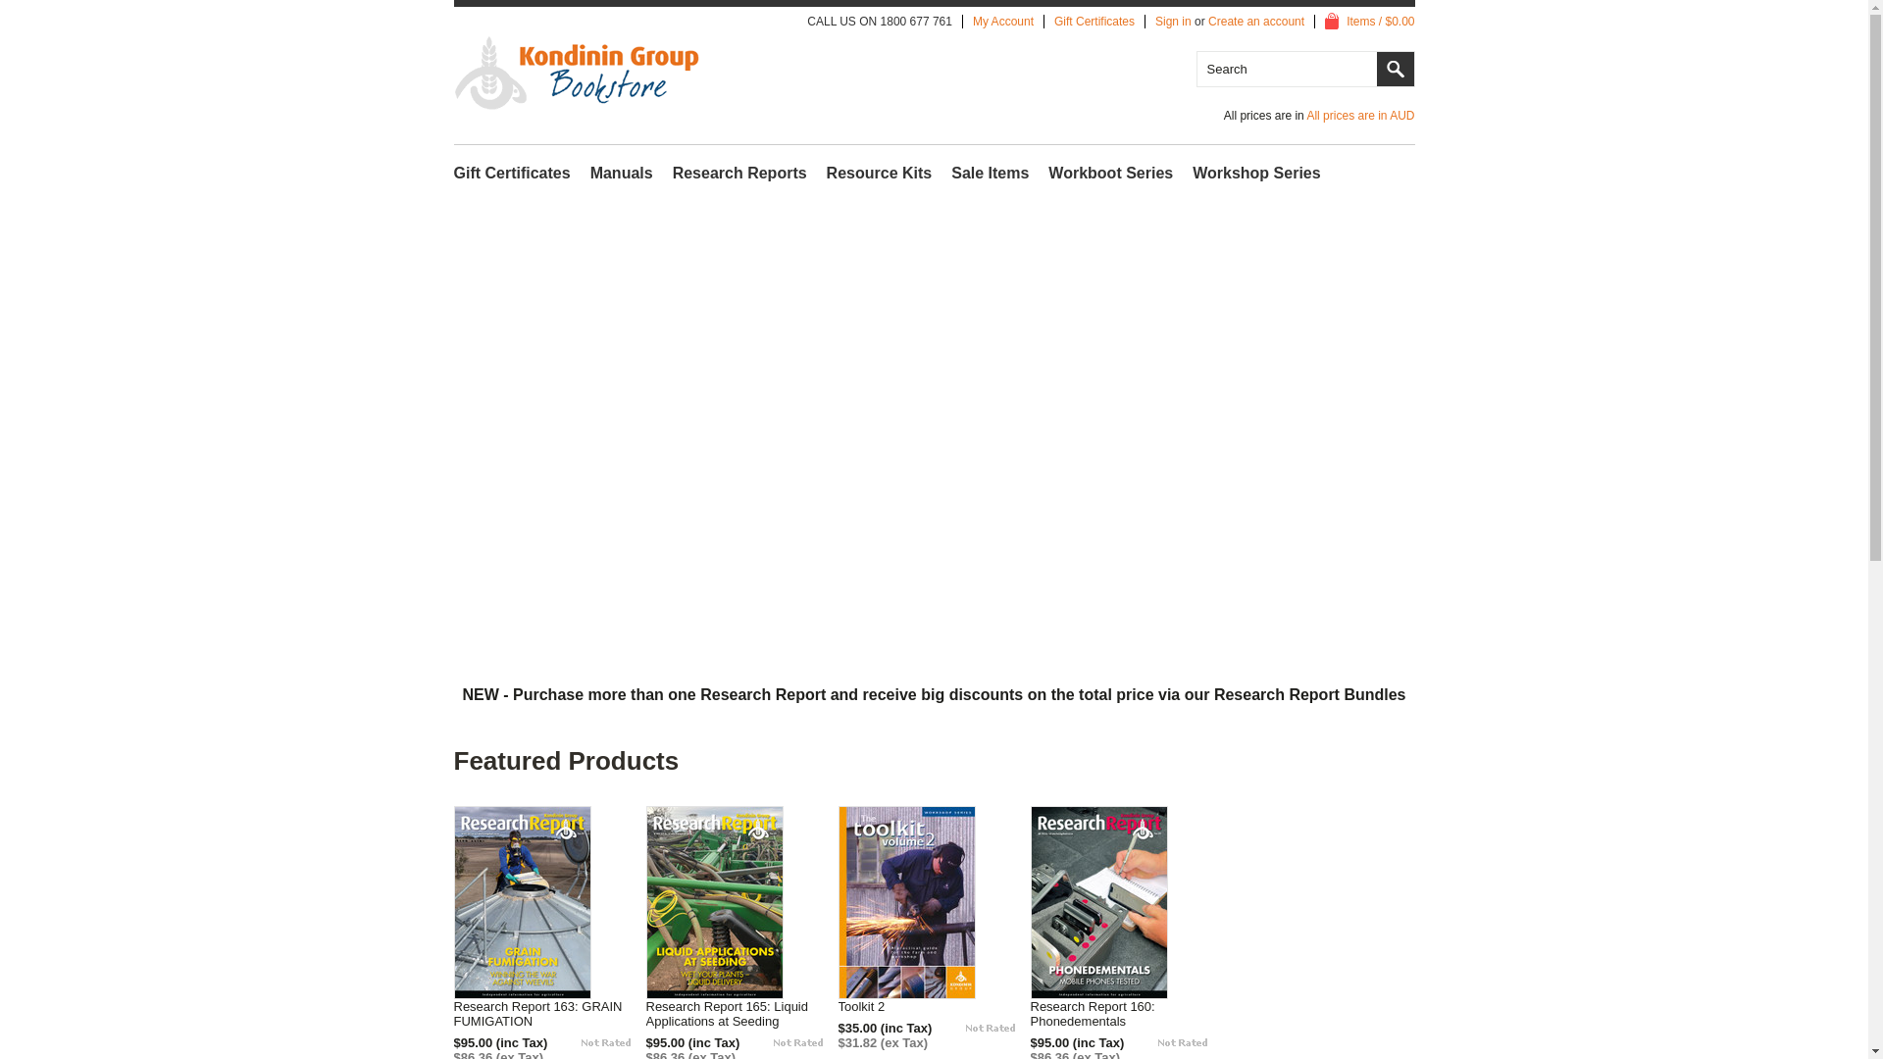 Image resolution: width=1883 pixels, height=1059 pixels. What do you see at coordinates (1332, 22) in the screenshot?
I see `'View Cart'` at bounding box center [1332, 22].